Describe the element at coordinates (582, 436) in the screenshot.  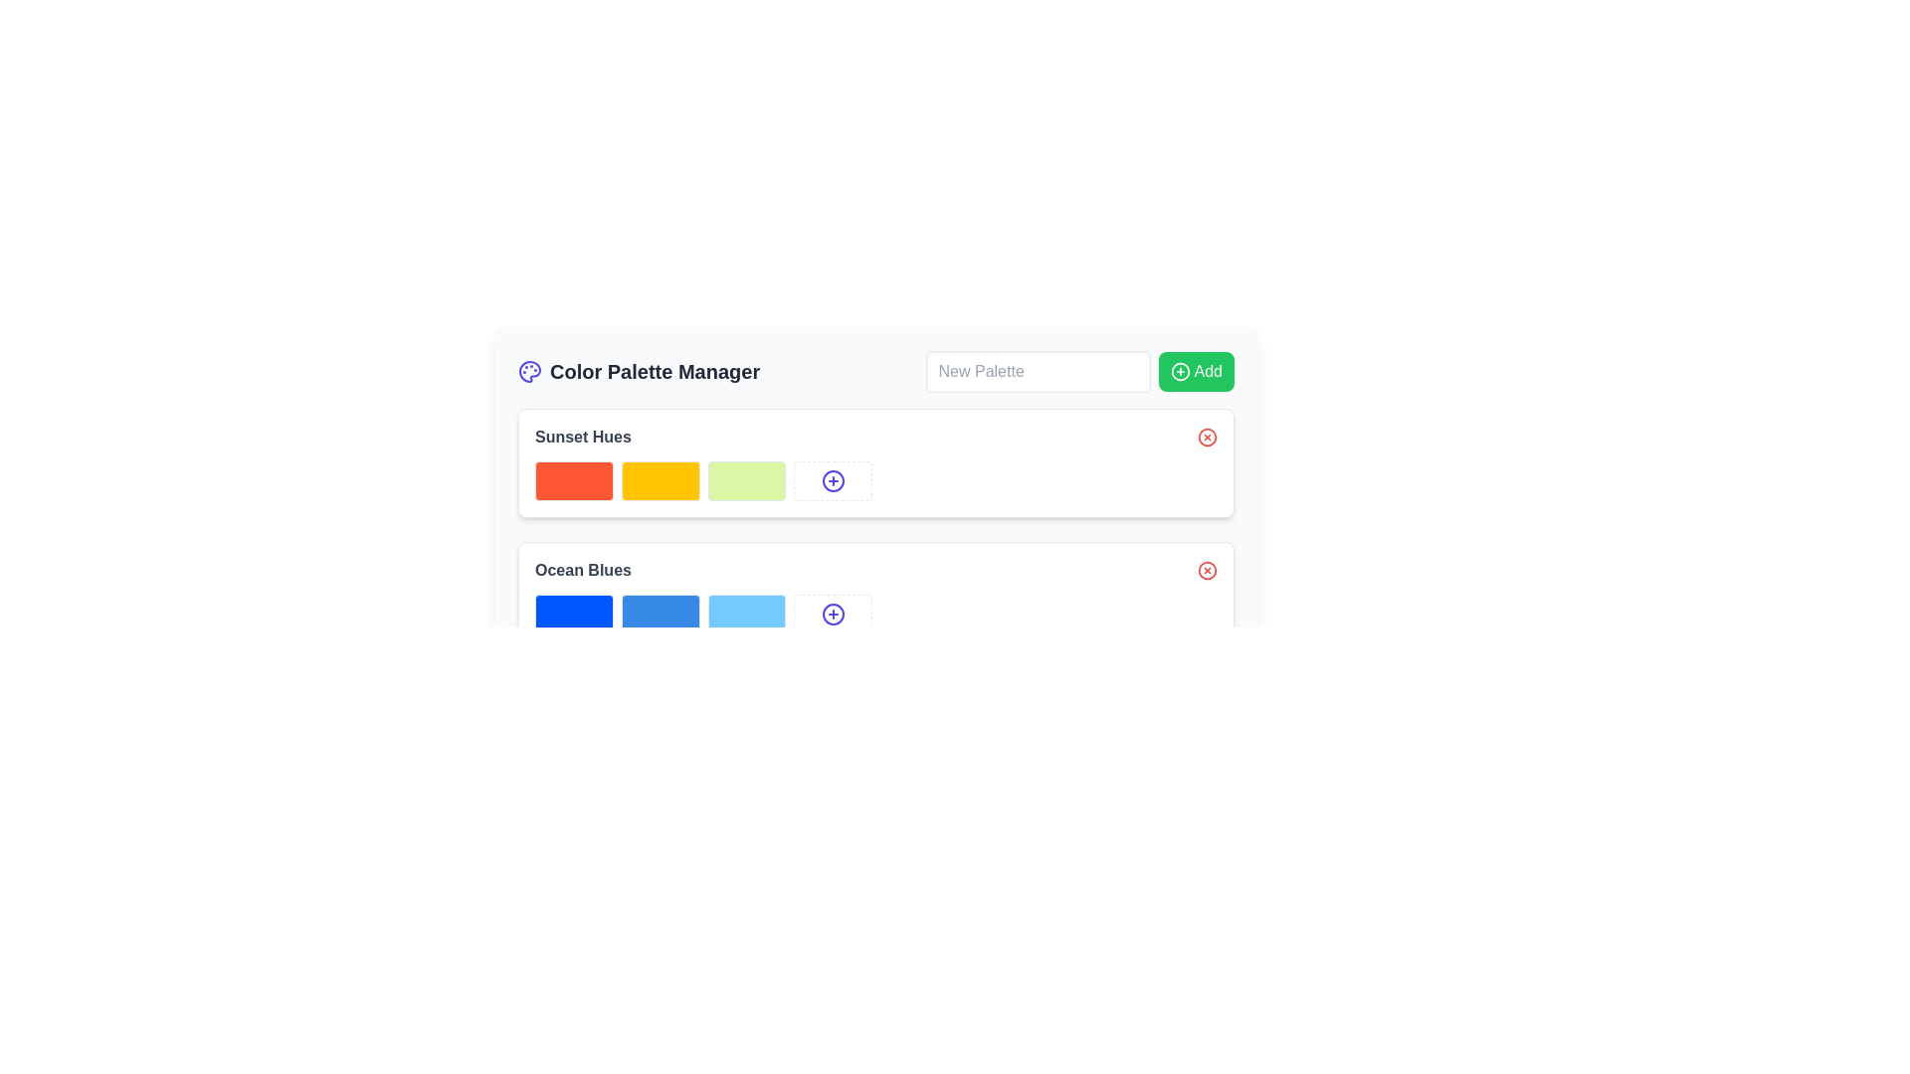
I see `the text label displaying 'Sunset Hues' in bold dark gray font, located at the top-left corner of the color palette` at that location.